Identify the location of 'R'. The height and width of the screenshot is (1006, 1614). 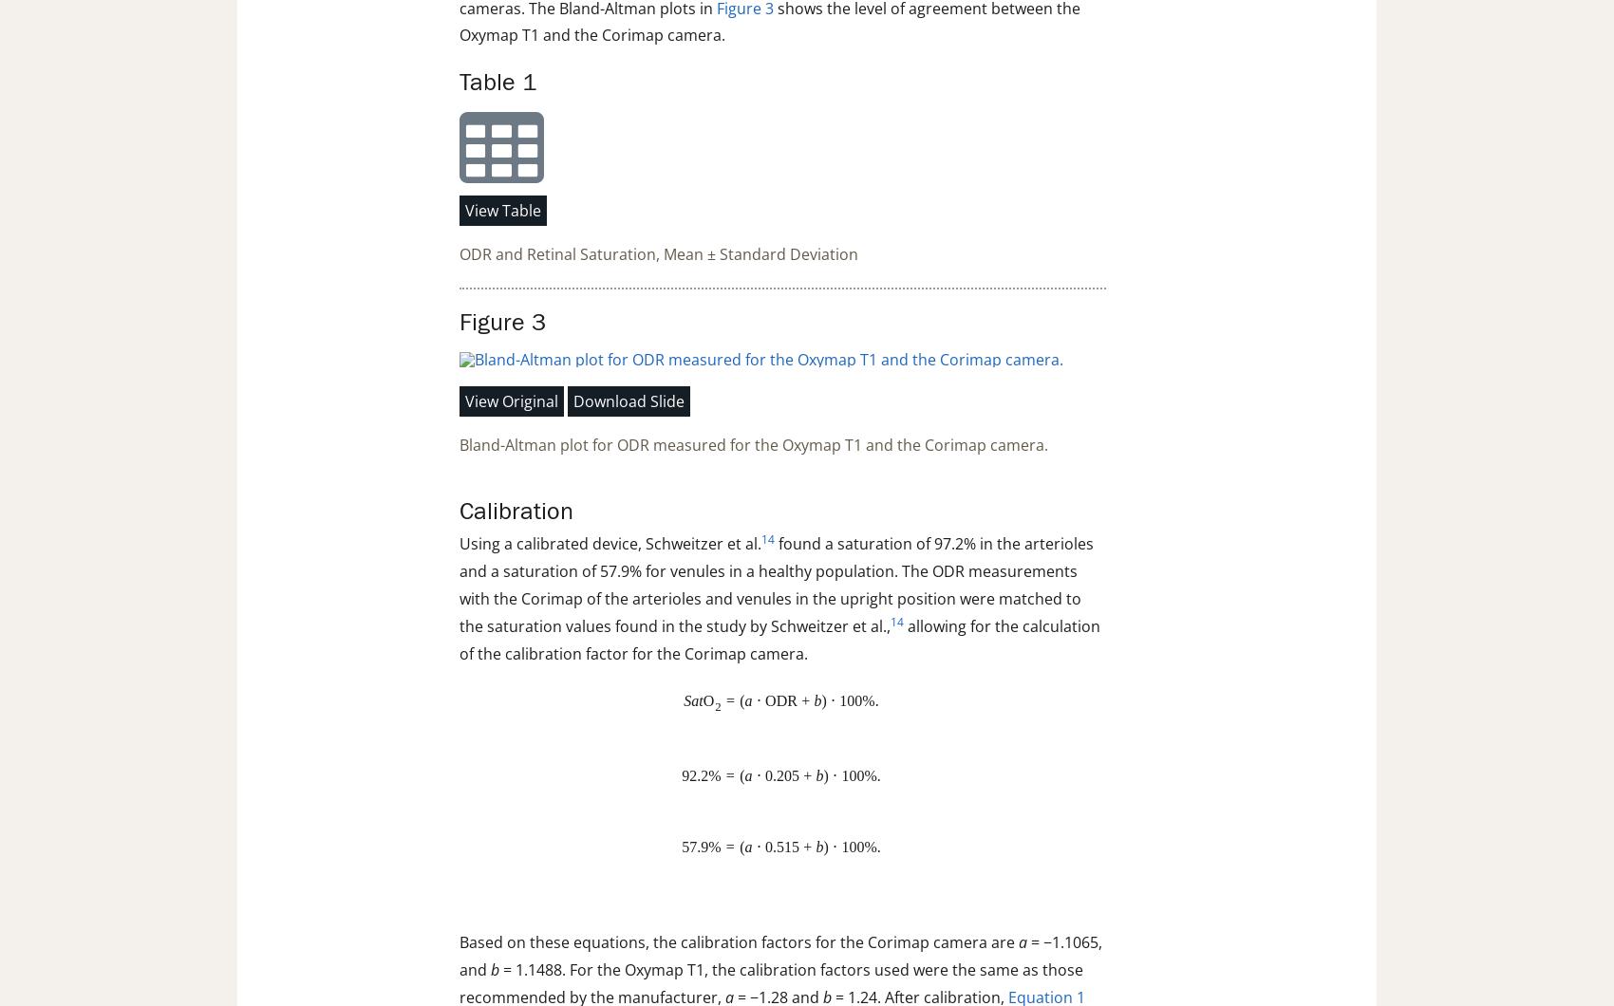
(791, 699).